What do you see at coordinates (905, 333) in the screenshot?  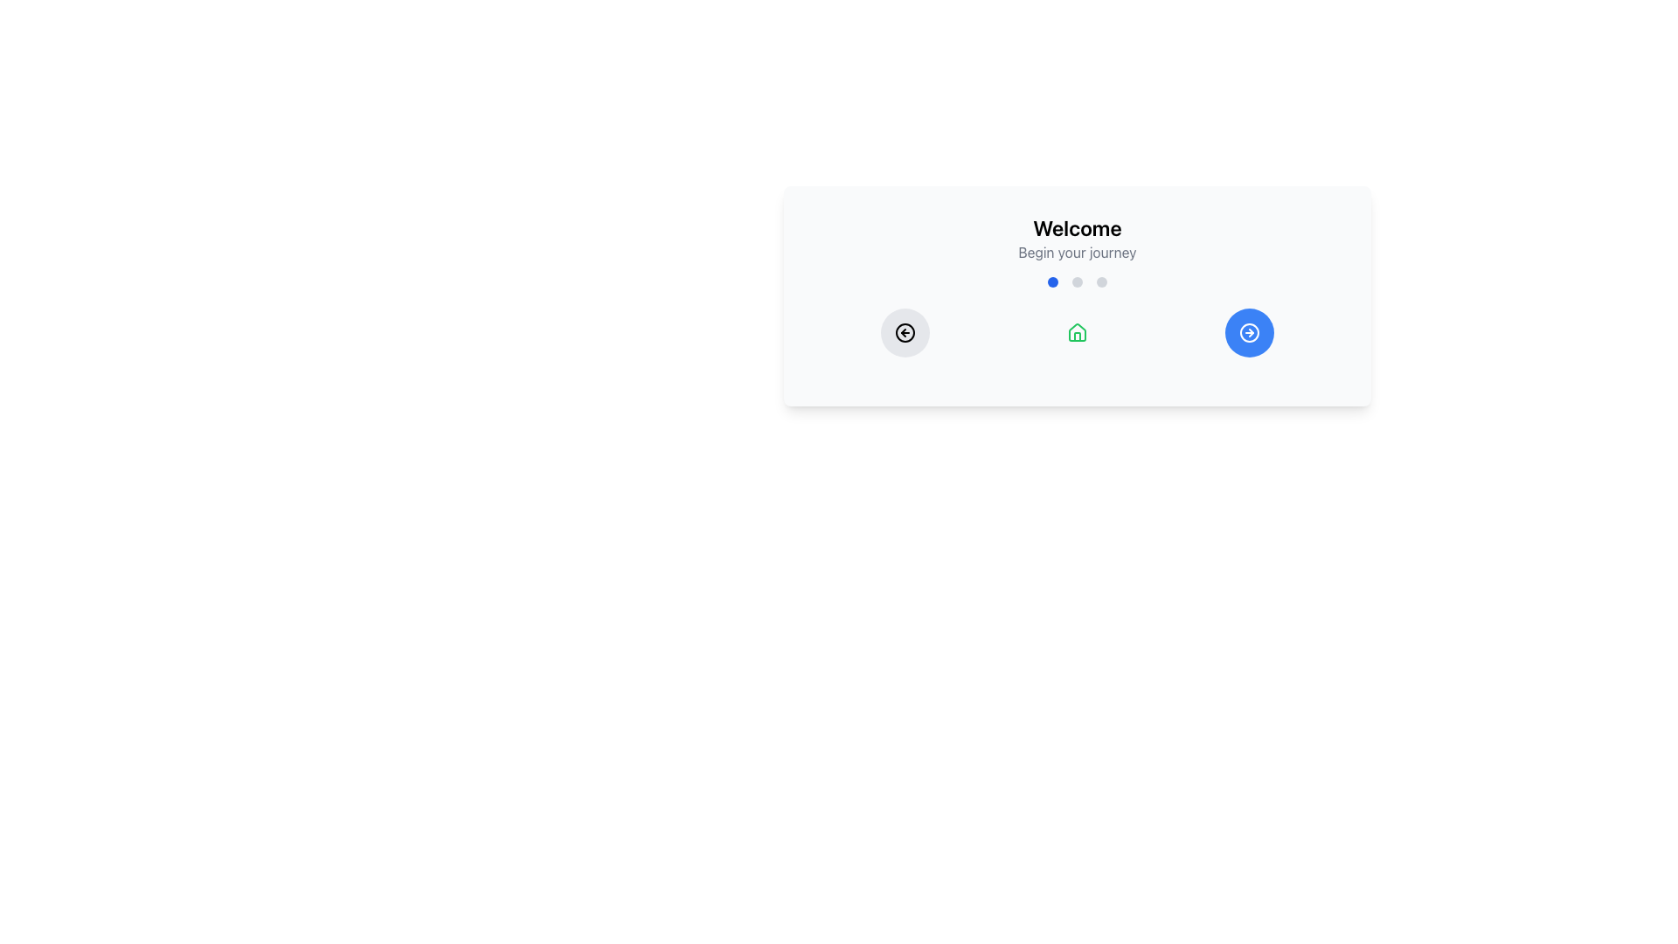 I see `the leftmost circular button with a light gray background and a left-pointing arrow icon` at bounding box center [905, 333].